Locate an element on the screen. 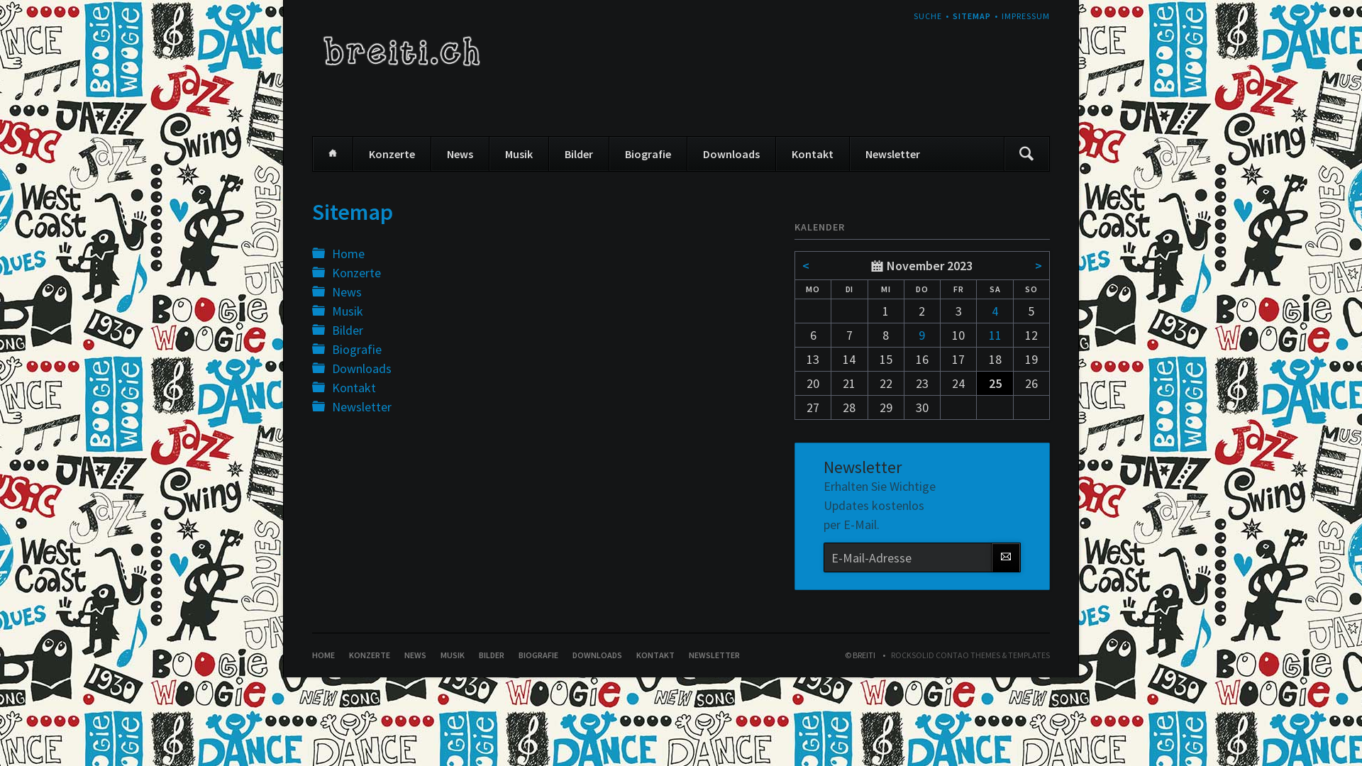 This screenshot has width=1362, height=766. 'NEWSLETTER' is located at coordinates (714, 655).